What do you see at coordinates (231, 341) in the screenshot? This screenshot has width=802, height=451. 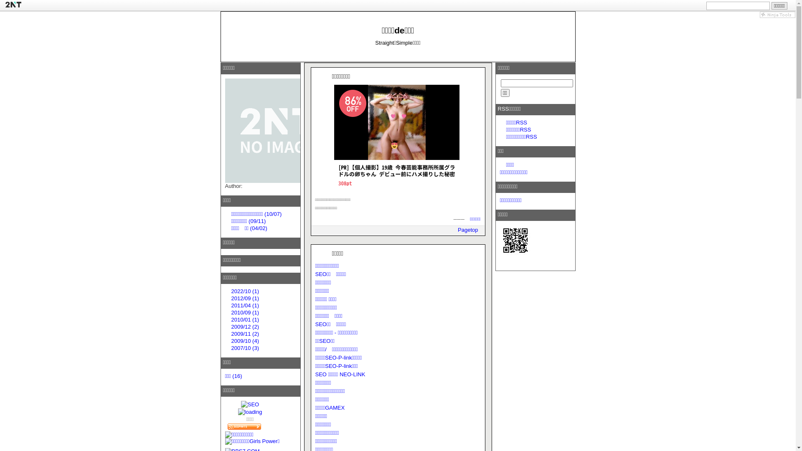 I see `'2009/10 (4)'` at bounding box center [231, 341].